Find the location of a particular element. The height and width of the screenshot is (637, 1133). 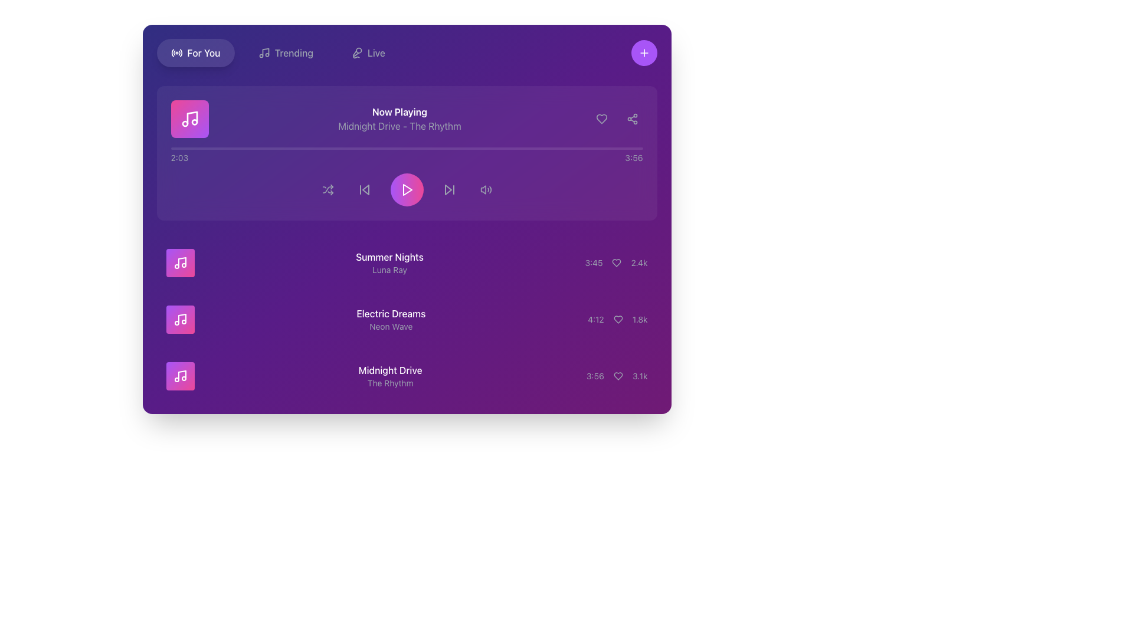

the interactive media control bar, which features a purple gradient and icons for media control, located beneath the 'Now Playing' text is located at coordinates (407, 189).